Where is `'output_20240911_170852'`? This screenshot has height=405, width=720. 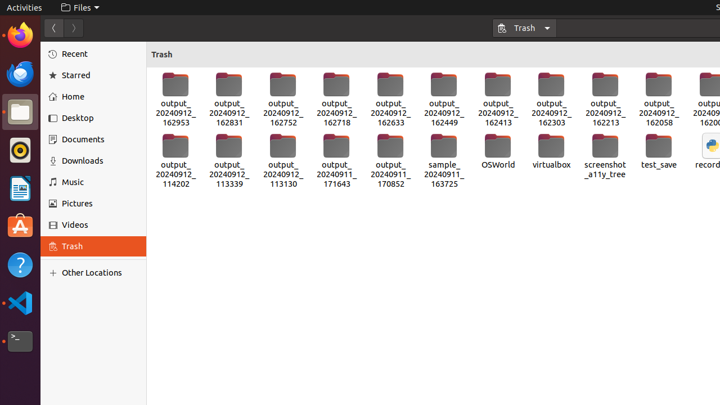 'output_20240911_170852' is located at coordinates (390, 161).